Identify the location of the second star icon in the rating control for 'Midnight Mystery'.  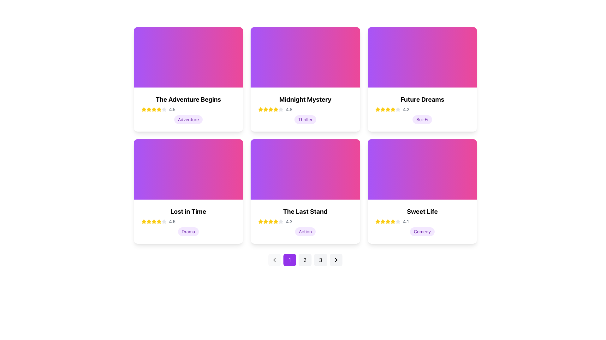
(281, 109).